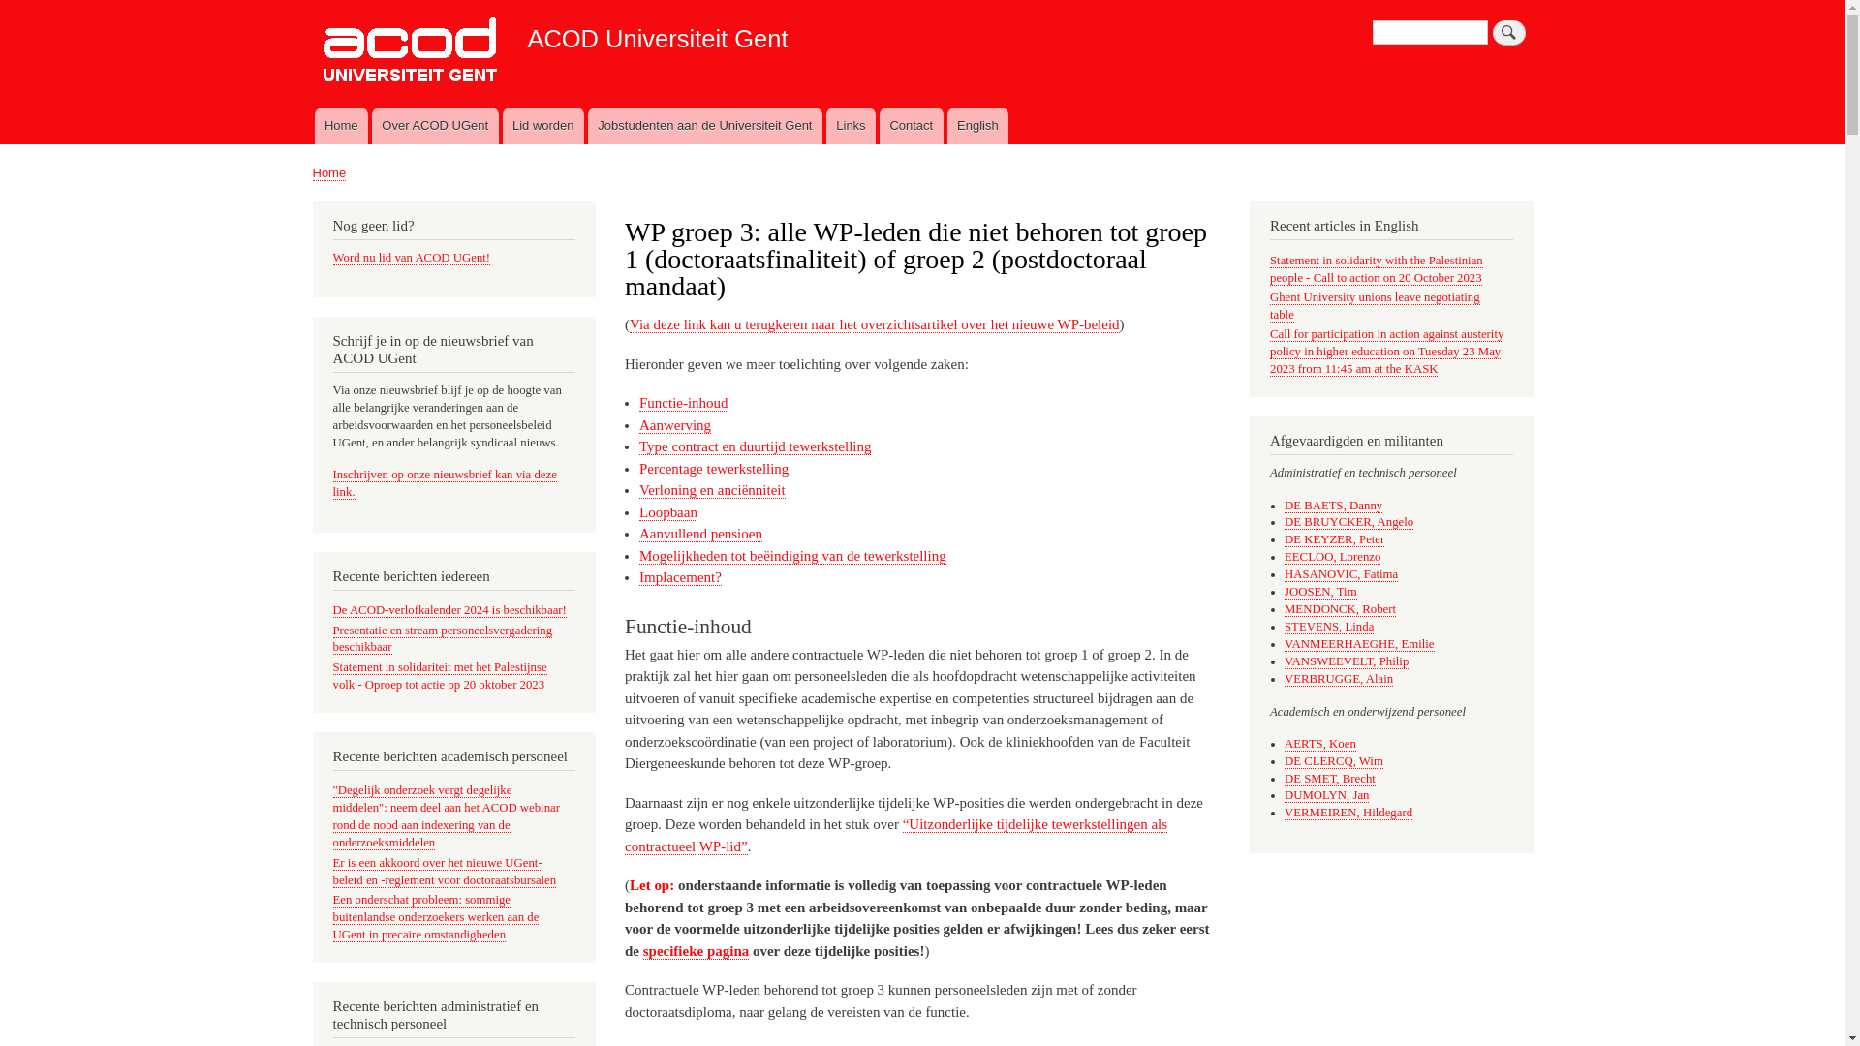 Image resolution: width=1860 pixels, height=1046 pixels. Describe the element at coordinates (328, 171) in the screenshot. I see `'Home'` at that location.